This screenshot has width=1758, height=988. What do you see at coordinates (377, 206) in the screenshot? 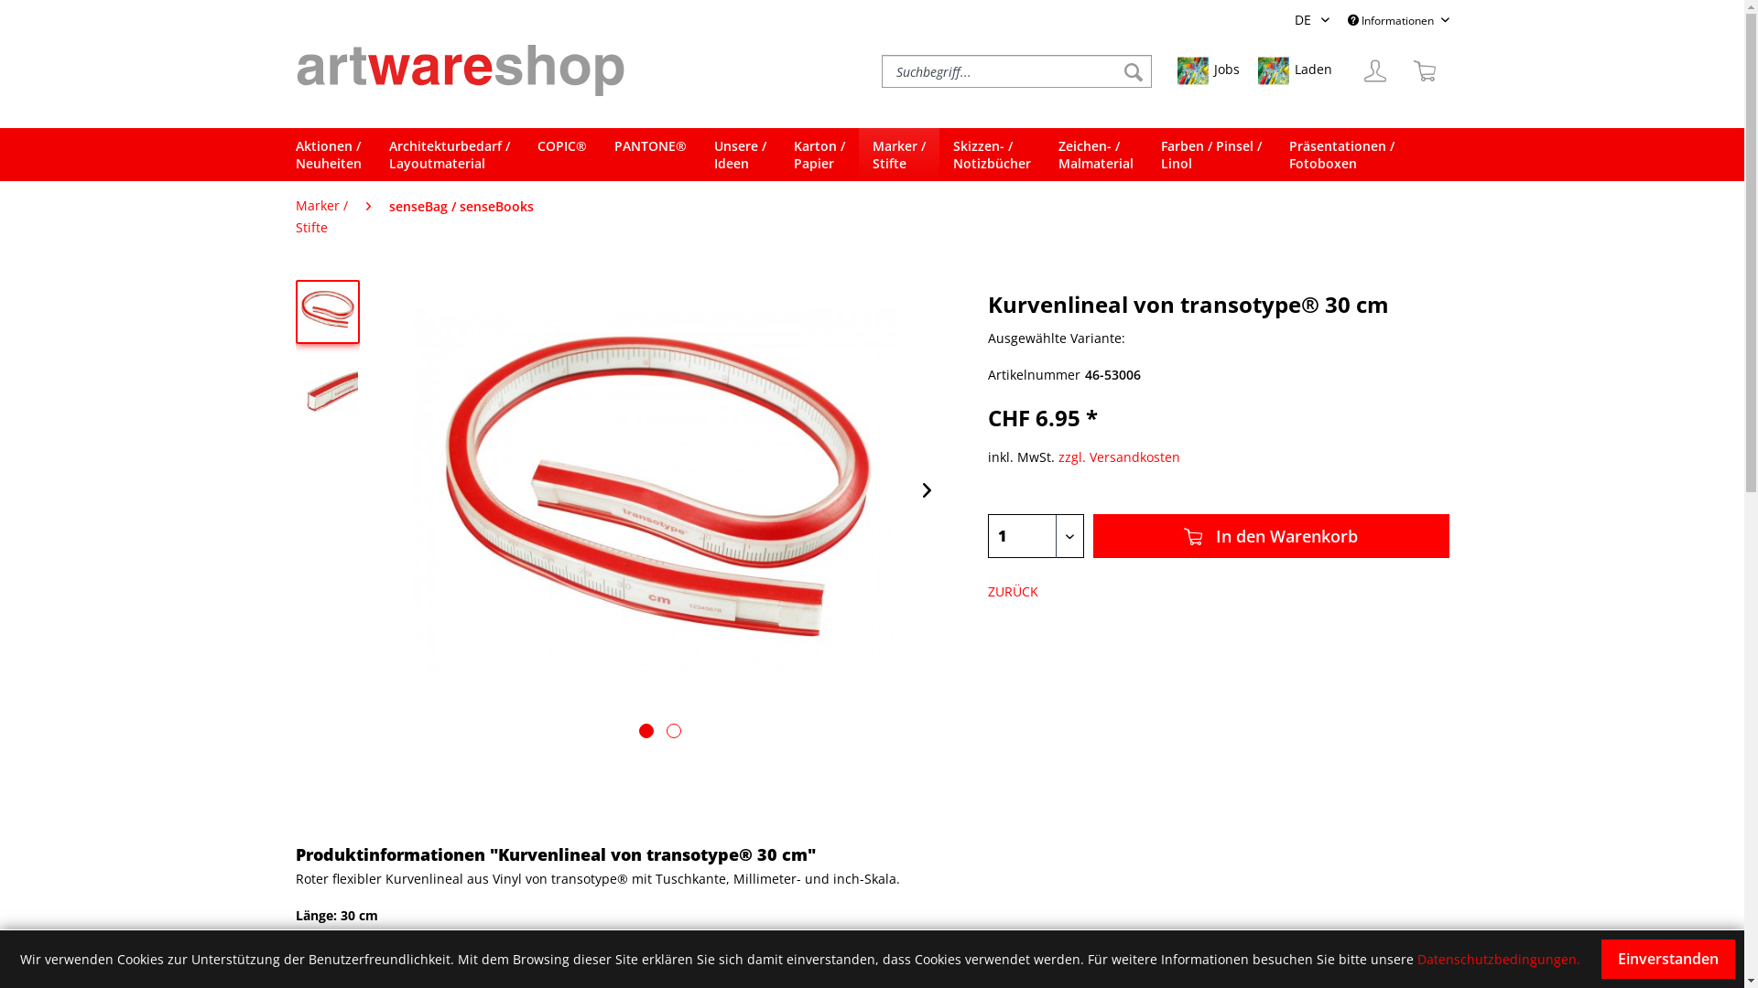
I see `'senseBag / senseBooks'` at bounding box center [377, 206].